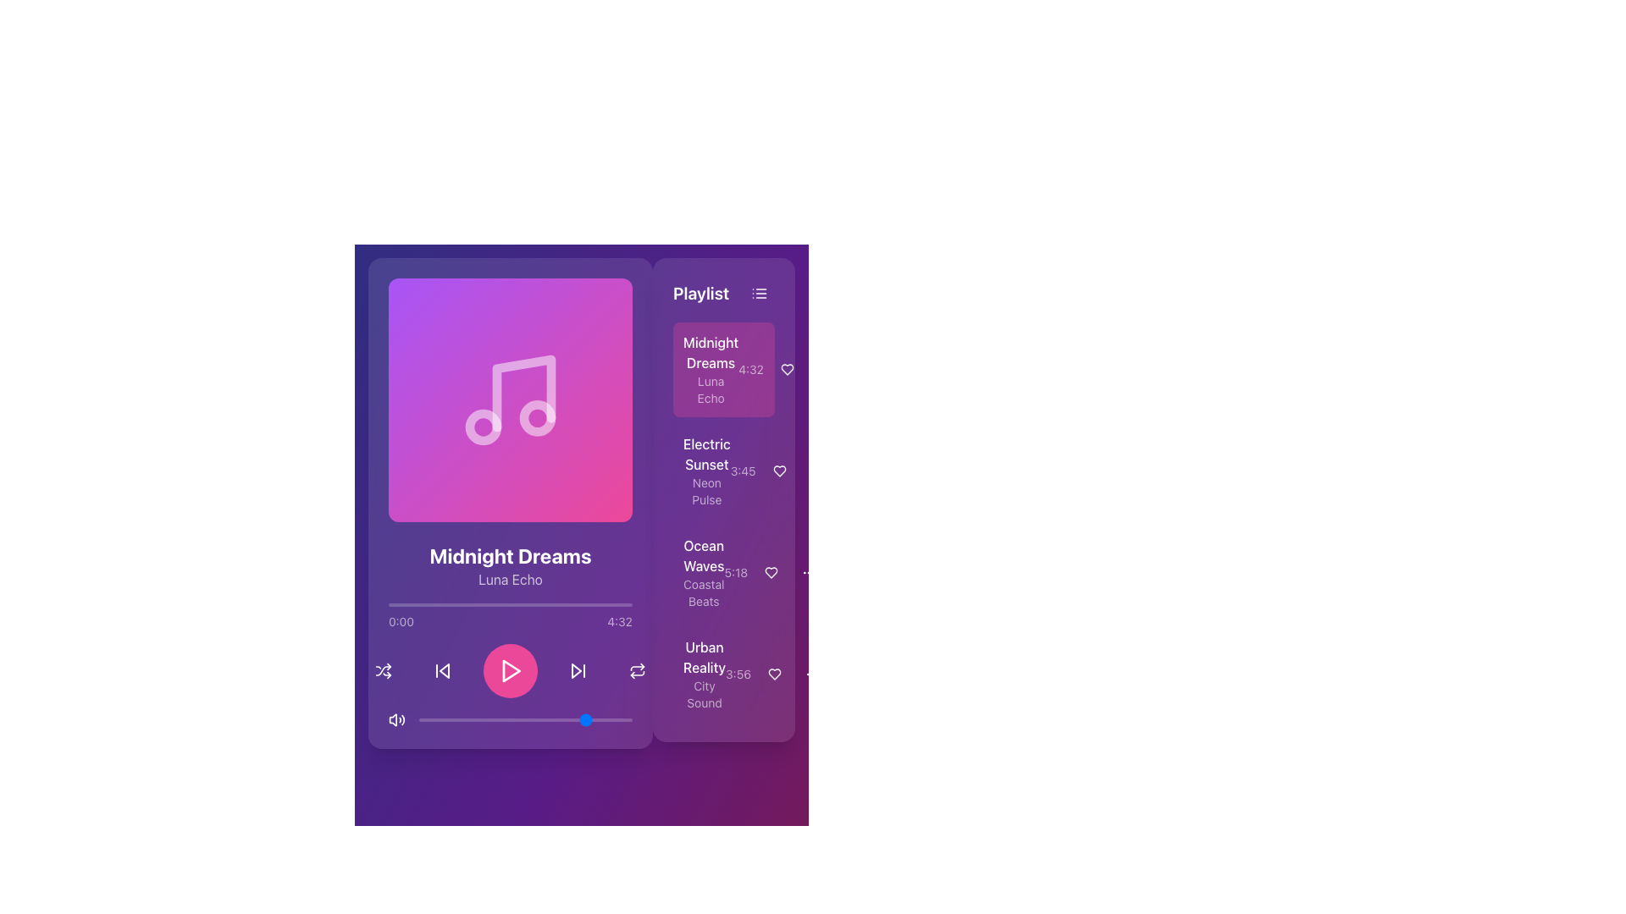  What do you see at coordinates (462, 720) in the screenshot?
I see `the slider` at bounding box center [462, 720].